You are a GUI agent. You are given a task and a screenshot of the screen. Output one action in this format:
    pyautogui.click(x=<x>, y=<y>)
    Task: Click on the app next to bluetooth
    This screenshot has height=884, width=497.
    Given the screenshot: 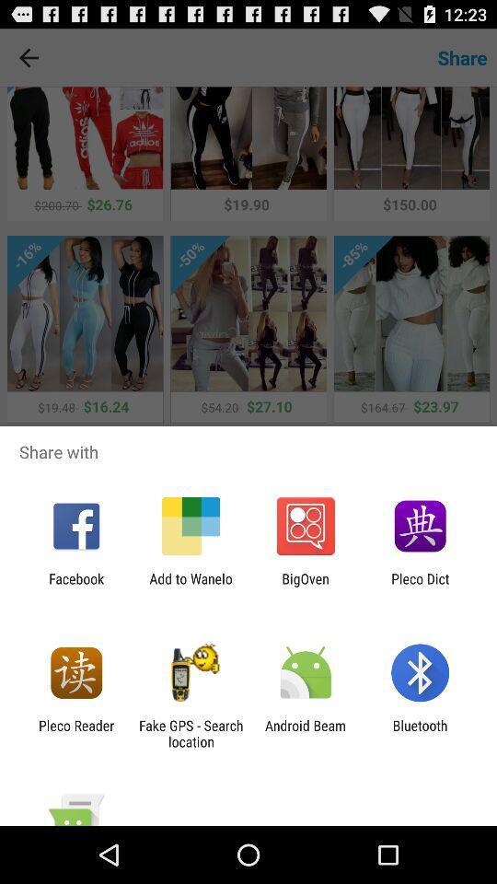 What is the action you would take?
    pyautogui.click(x=306, y=733)
    